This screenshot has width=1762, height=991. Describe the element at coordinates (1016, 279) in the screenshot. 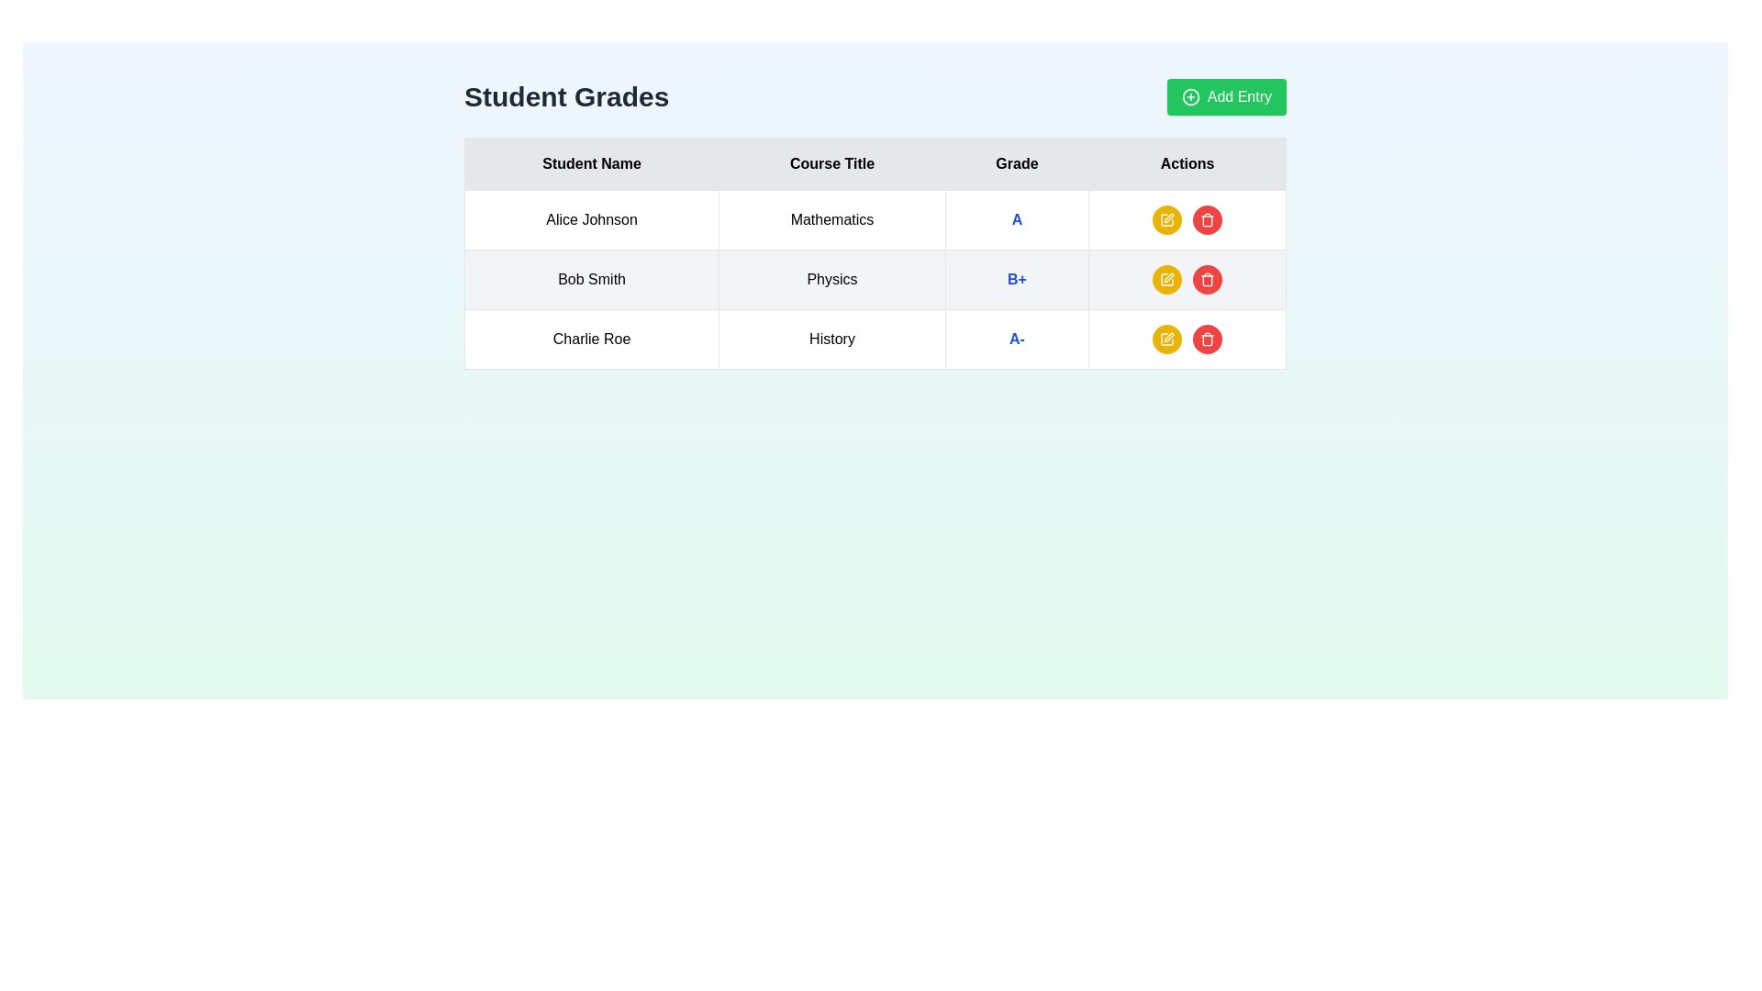

I see `the Text Label displaying the grade 'B+' for the student 'Bob Smith' in the 'Grade' column of the table` at that location.